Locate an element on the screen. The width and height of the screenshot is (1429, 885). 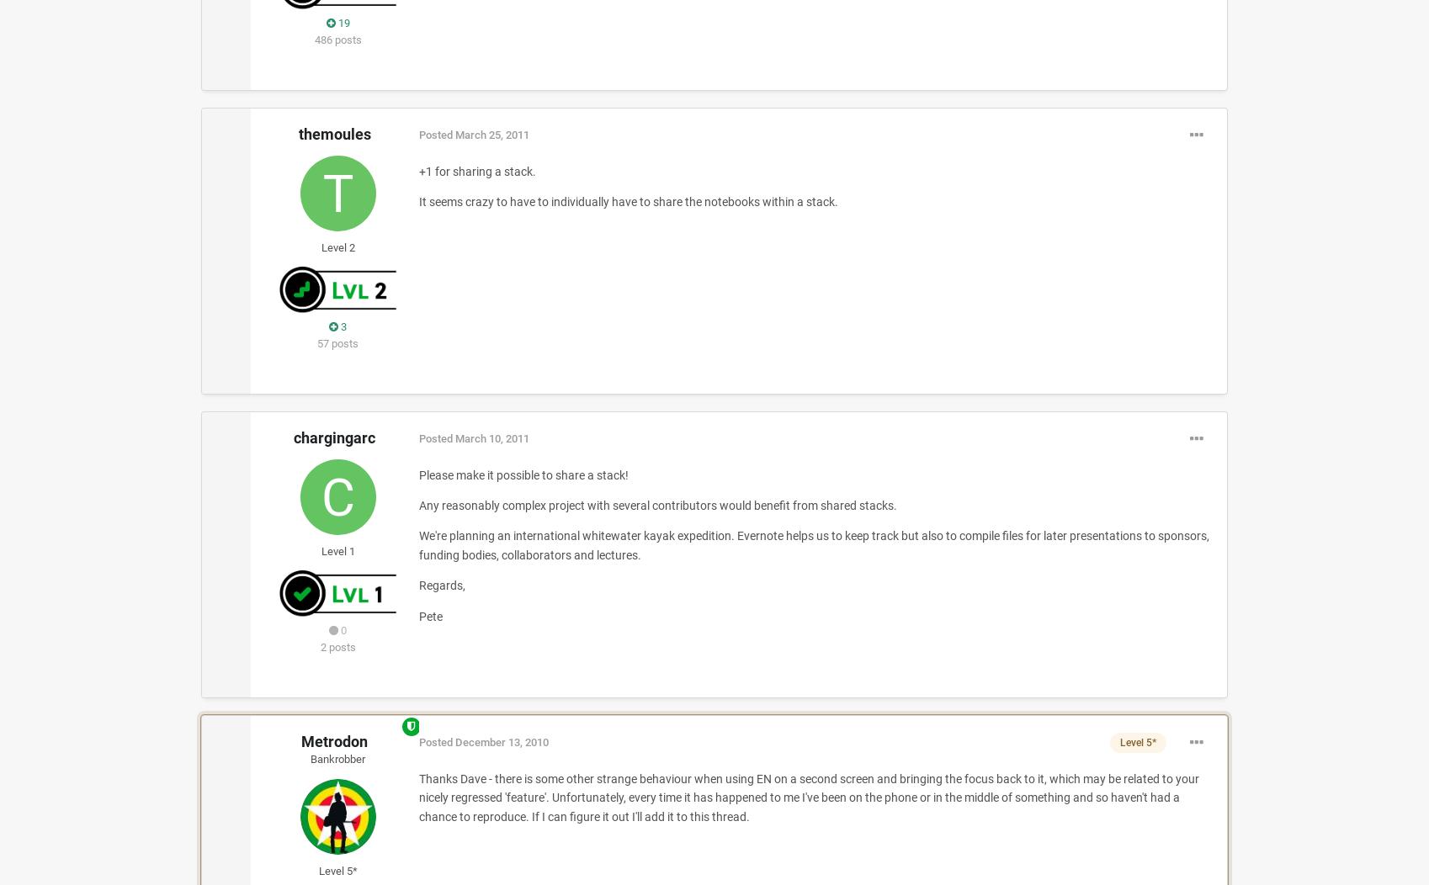
'Any reasonably complex project with several contributors would benefit from shared stacks.' is located at coordinates (417, 505).